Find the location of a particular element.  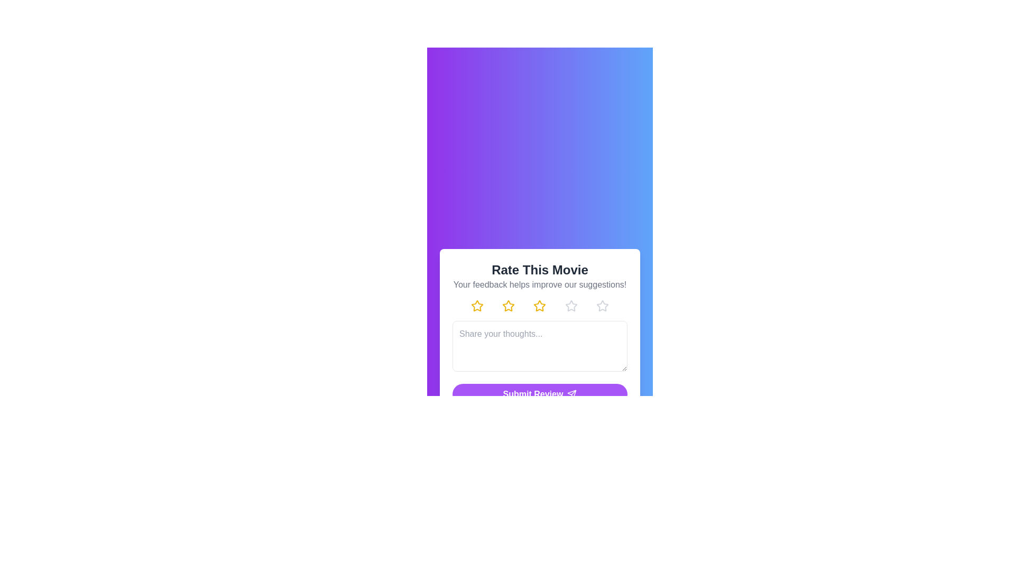

the fourth star icon in the interactive star rating system beneath 'Rate This Movie' is located at coordinates (602, 306).